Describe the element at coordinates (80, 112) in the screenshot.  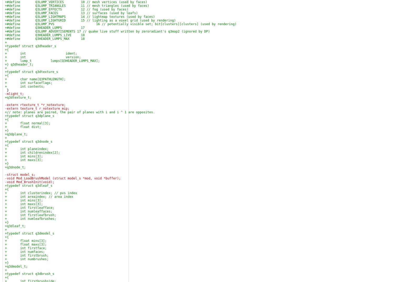
I see `'+// note: planes are paired, the pair of planes with i and i ^ 1 are opposites.'` at that location.